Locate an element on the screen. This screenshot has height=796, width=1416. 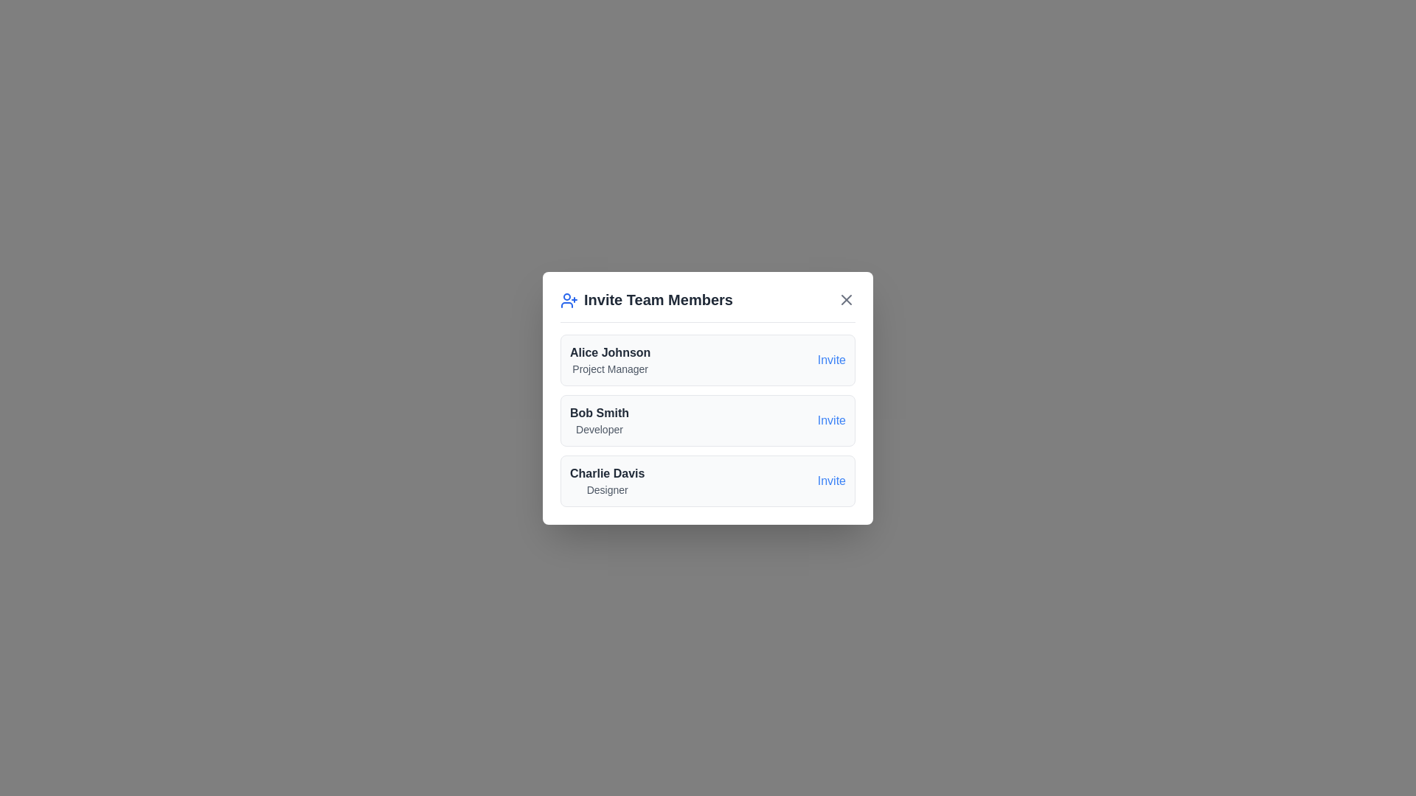
the close button to close the dialog is located at coordinates (846, 298).